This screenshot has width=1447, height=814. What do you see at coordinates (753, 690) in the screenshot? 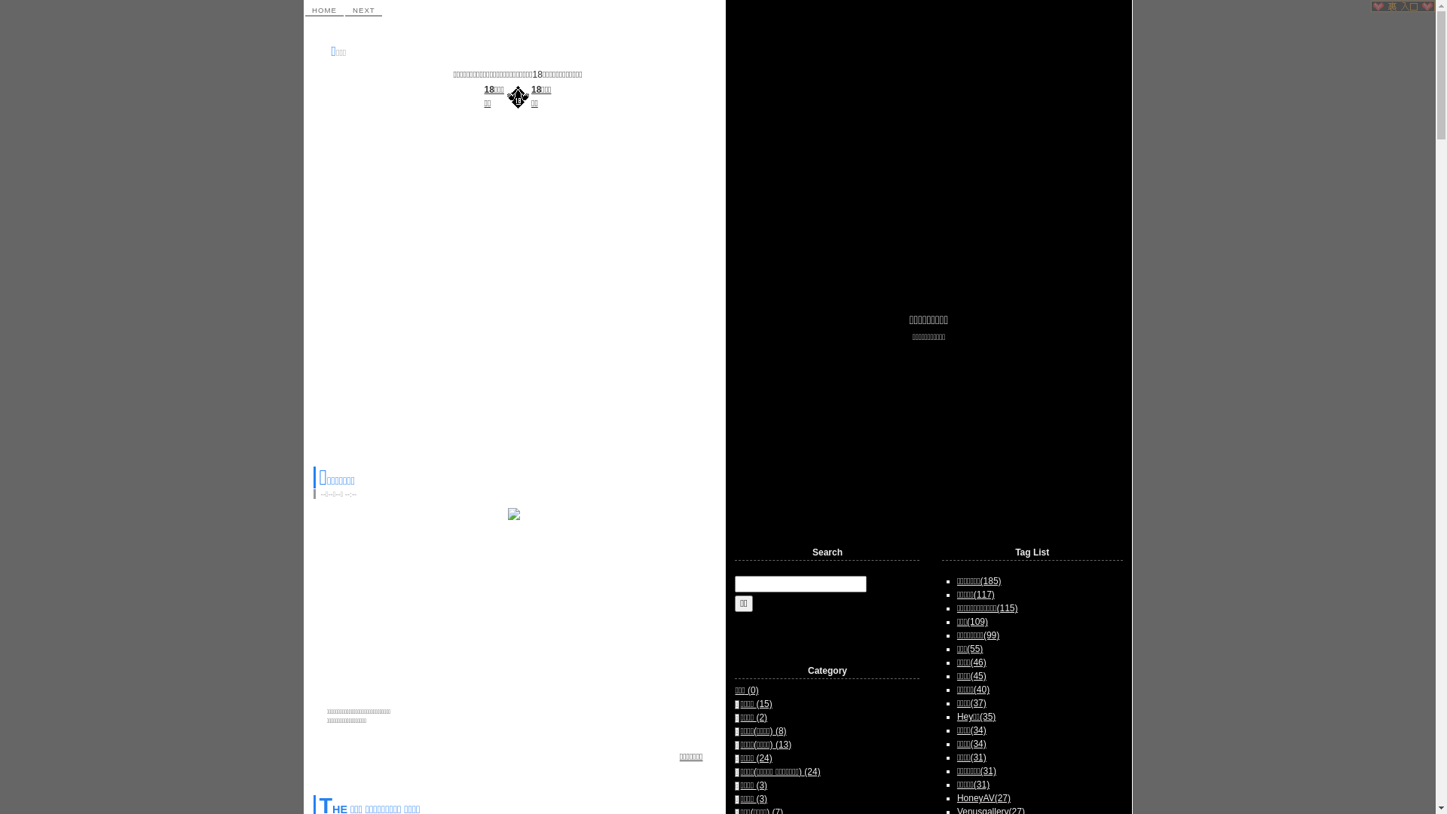
I see `'(0)'` at bounding box center [753, 690].